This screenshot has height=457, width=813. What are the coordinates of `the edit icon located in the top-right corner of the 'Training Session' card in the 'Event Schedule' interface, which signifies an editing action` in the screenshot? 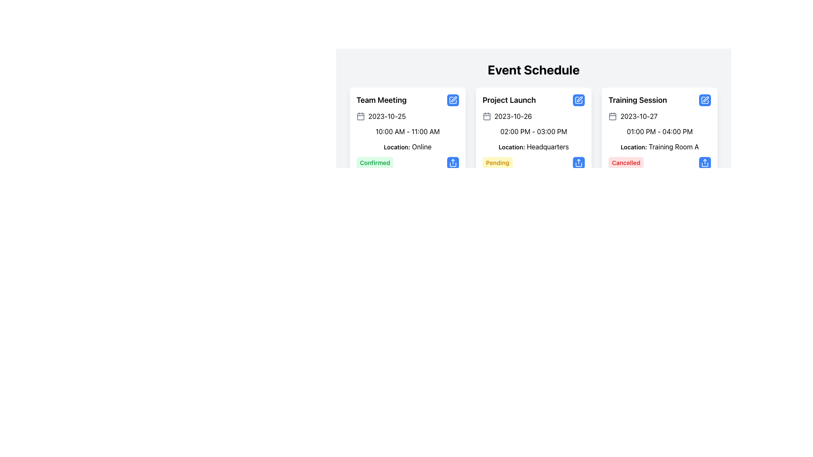 It's located at (705, 99).